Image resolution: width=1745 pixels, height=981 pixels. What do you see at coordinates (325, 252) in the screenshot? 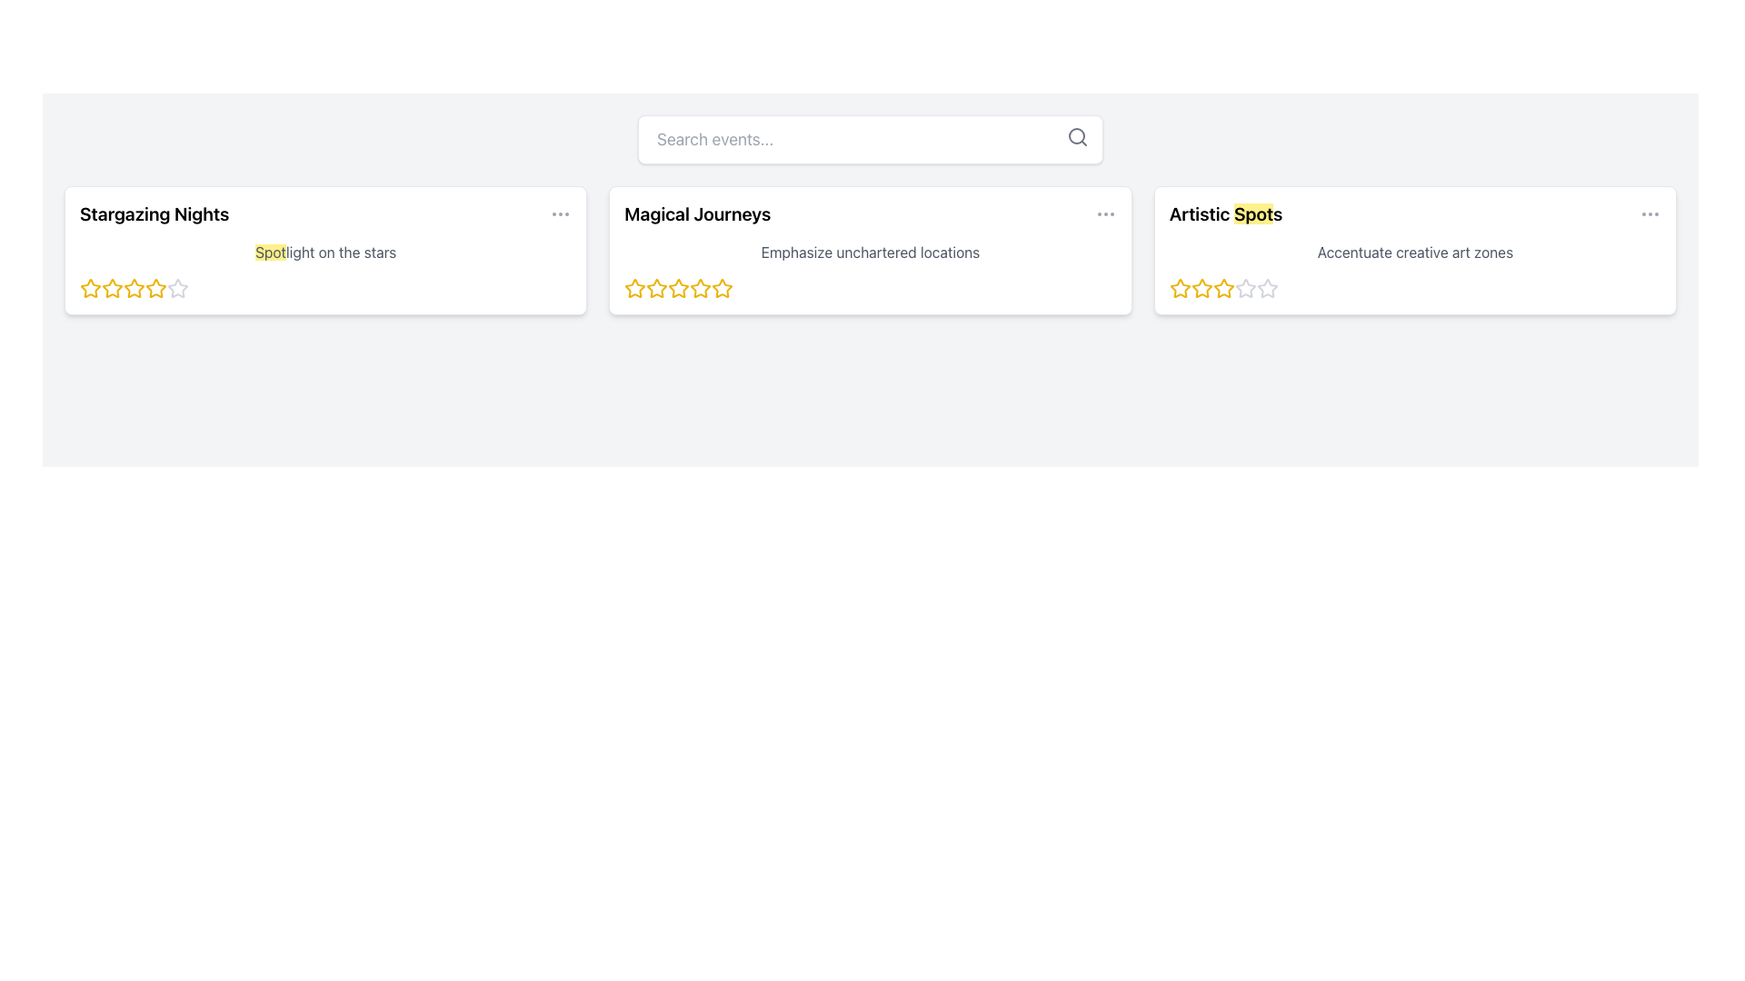
I see `the text segment displaying 'Spotlight on the stars', which has 'Spot' highlighted in yellow and is positioned below the title 'Stargazing Nights'` at bounding box center [325, 252].